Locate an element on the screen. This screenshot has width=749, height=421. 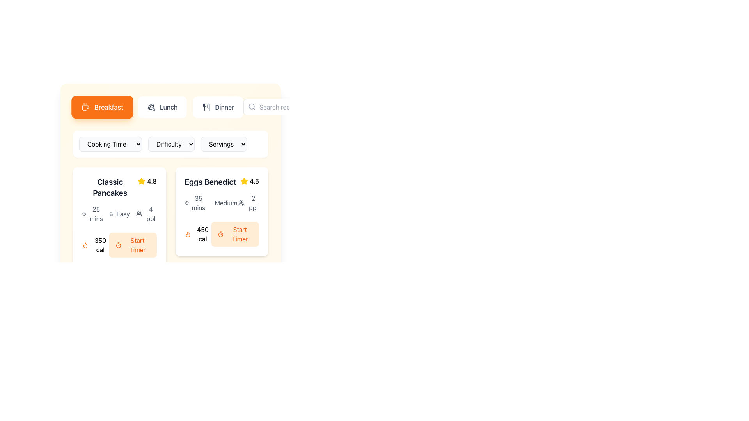
the 'Easy' text label, which is styled in gray color and located in the 'difficulty' section of the left card labeled 'Classic Pancakes.' is located at coordinates (122, 214).